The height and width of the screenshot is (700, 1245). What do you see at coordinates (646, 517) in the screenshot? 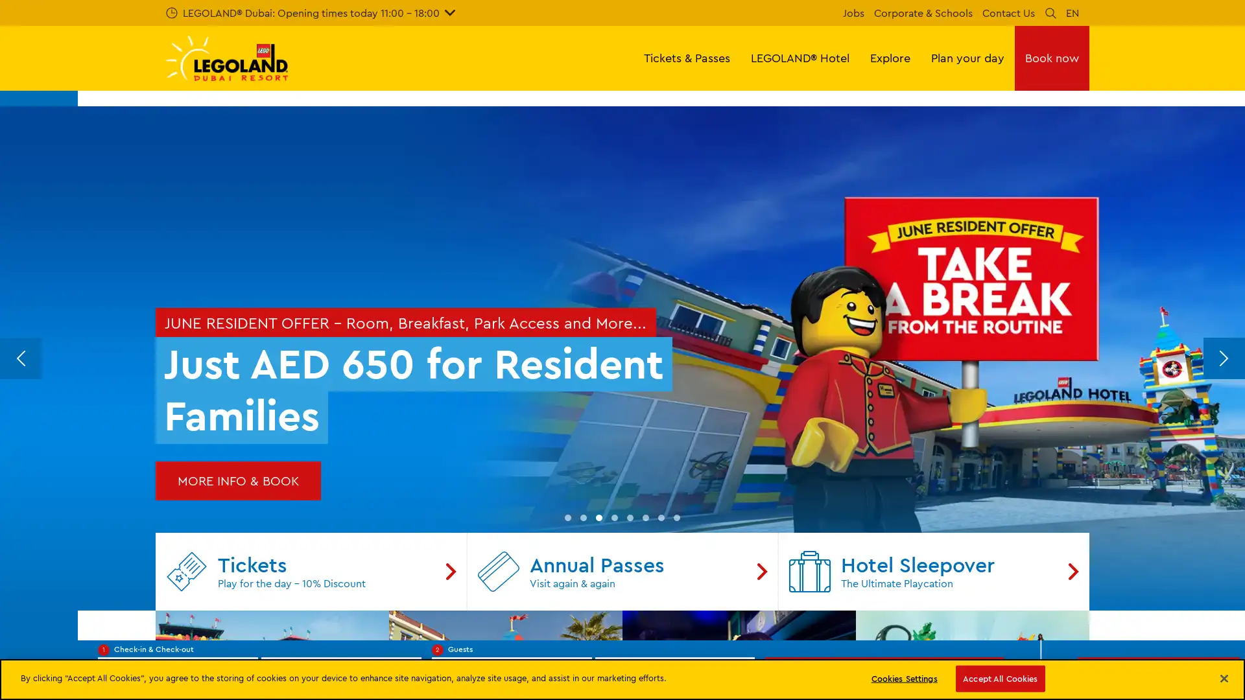
I see `Go to slide 6` at bounding box center [646, 517].